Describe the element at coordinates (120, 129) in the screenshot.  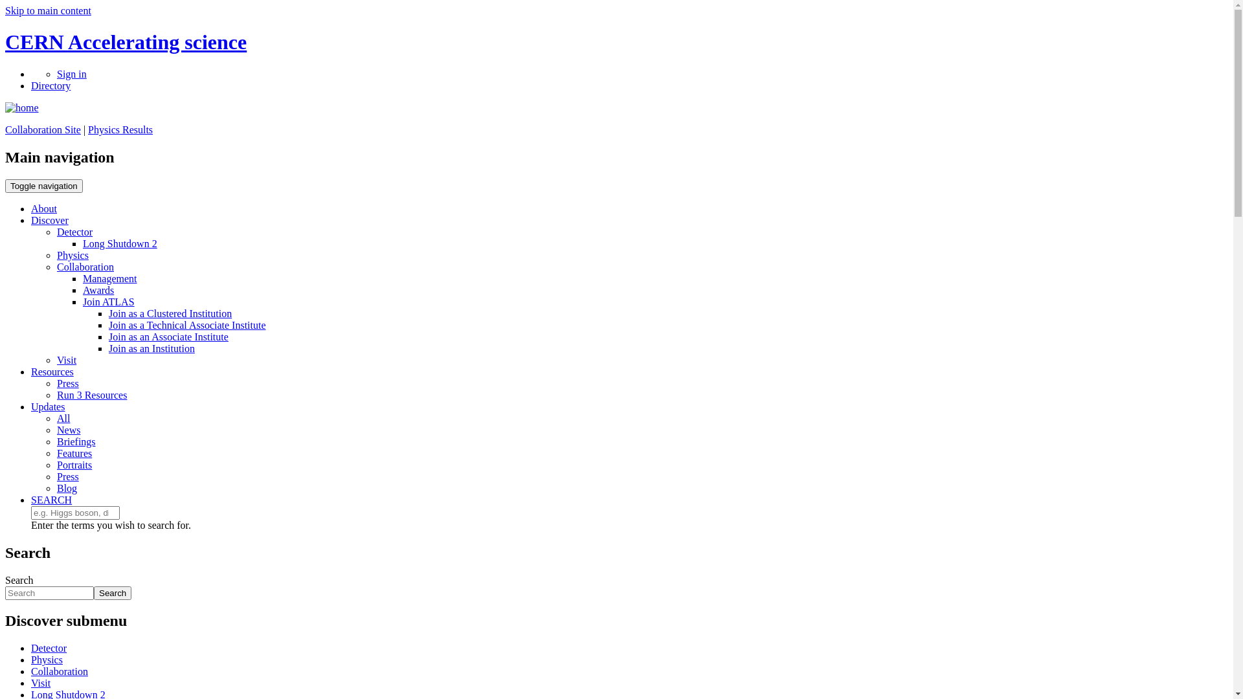
I see `'Physics Results'` at that location.